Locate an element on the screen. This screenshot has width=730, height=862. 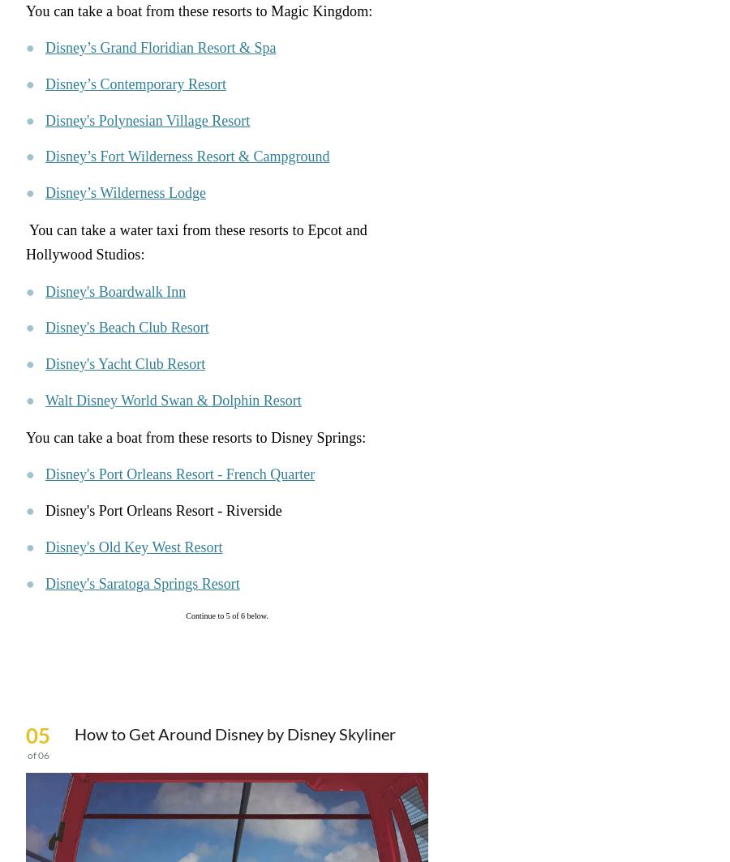
'Disney’s Contemporary Resort' is located at coordinates (135, 84).